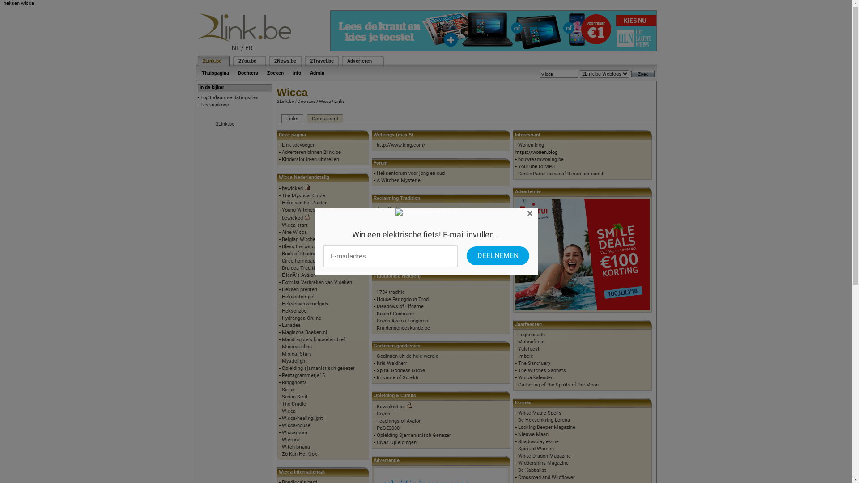 The width and height of the screenshot is (859, 483). I want to click on 'Wicca', so click(323, 101).